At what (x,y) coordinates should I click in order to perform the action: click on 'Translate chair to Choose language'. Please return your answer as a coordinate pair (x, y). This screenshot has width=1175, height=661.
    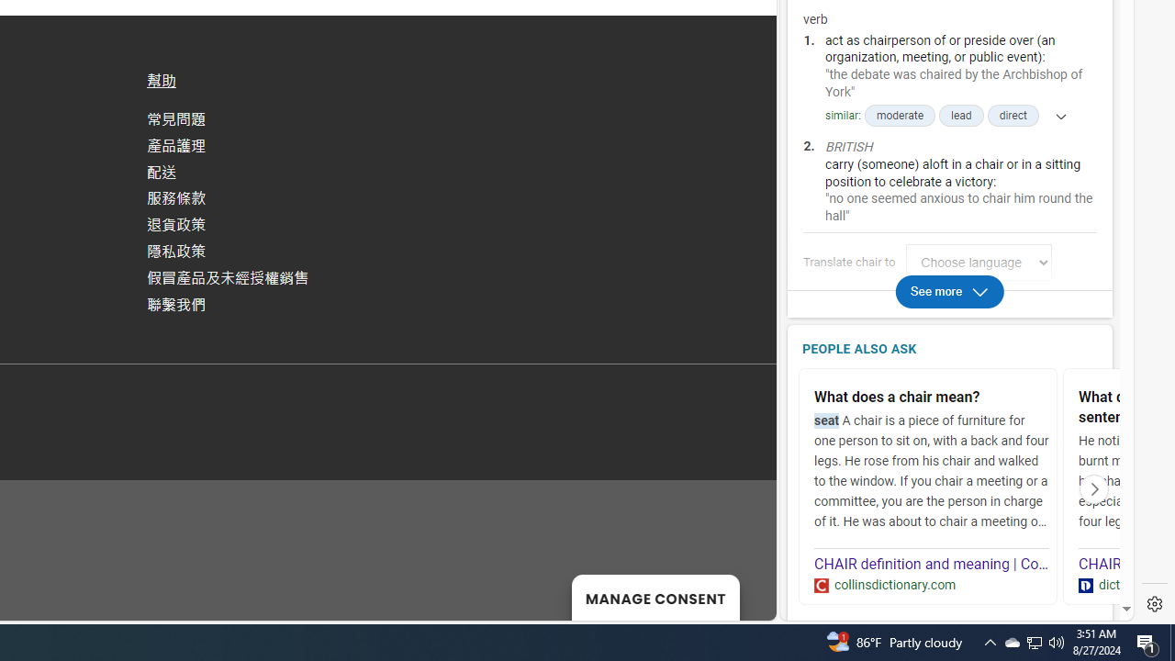
    Looking at the image, I should click on (978, 263).